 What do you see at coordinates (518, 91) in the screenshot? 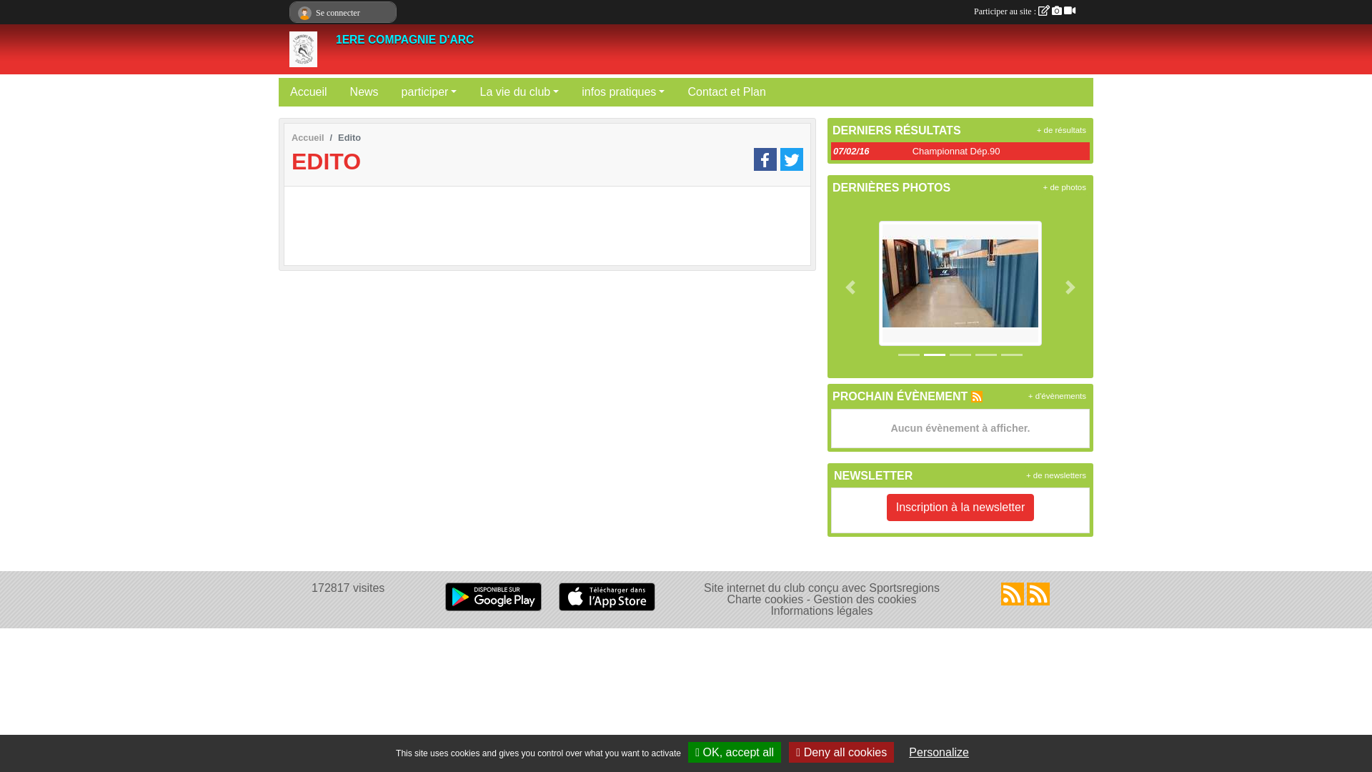
I see `'La vie du club'` at bounding box center [518, 91].